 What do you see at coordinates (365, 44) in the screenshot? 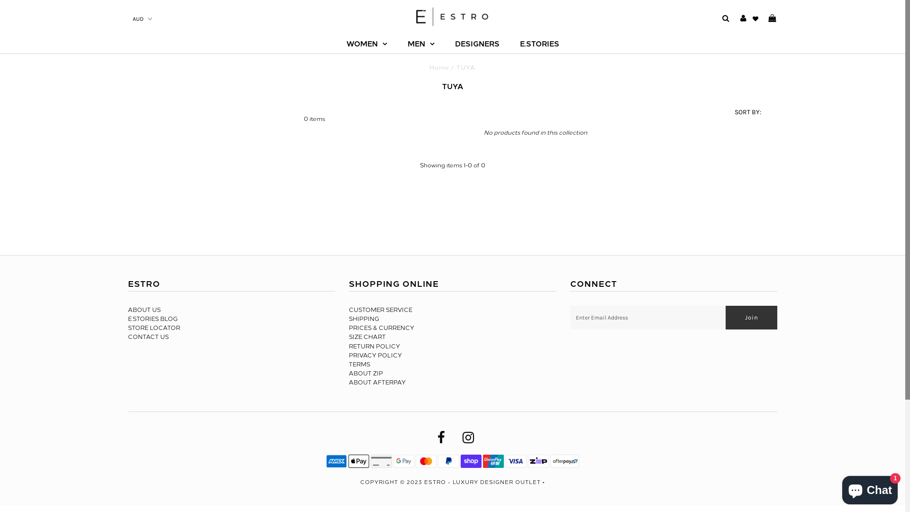
I see `'WOMEN'` at bounding box center [365, 44].